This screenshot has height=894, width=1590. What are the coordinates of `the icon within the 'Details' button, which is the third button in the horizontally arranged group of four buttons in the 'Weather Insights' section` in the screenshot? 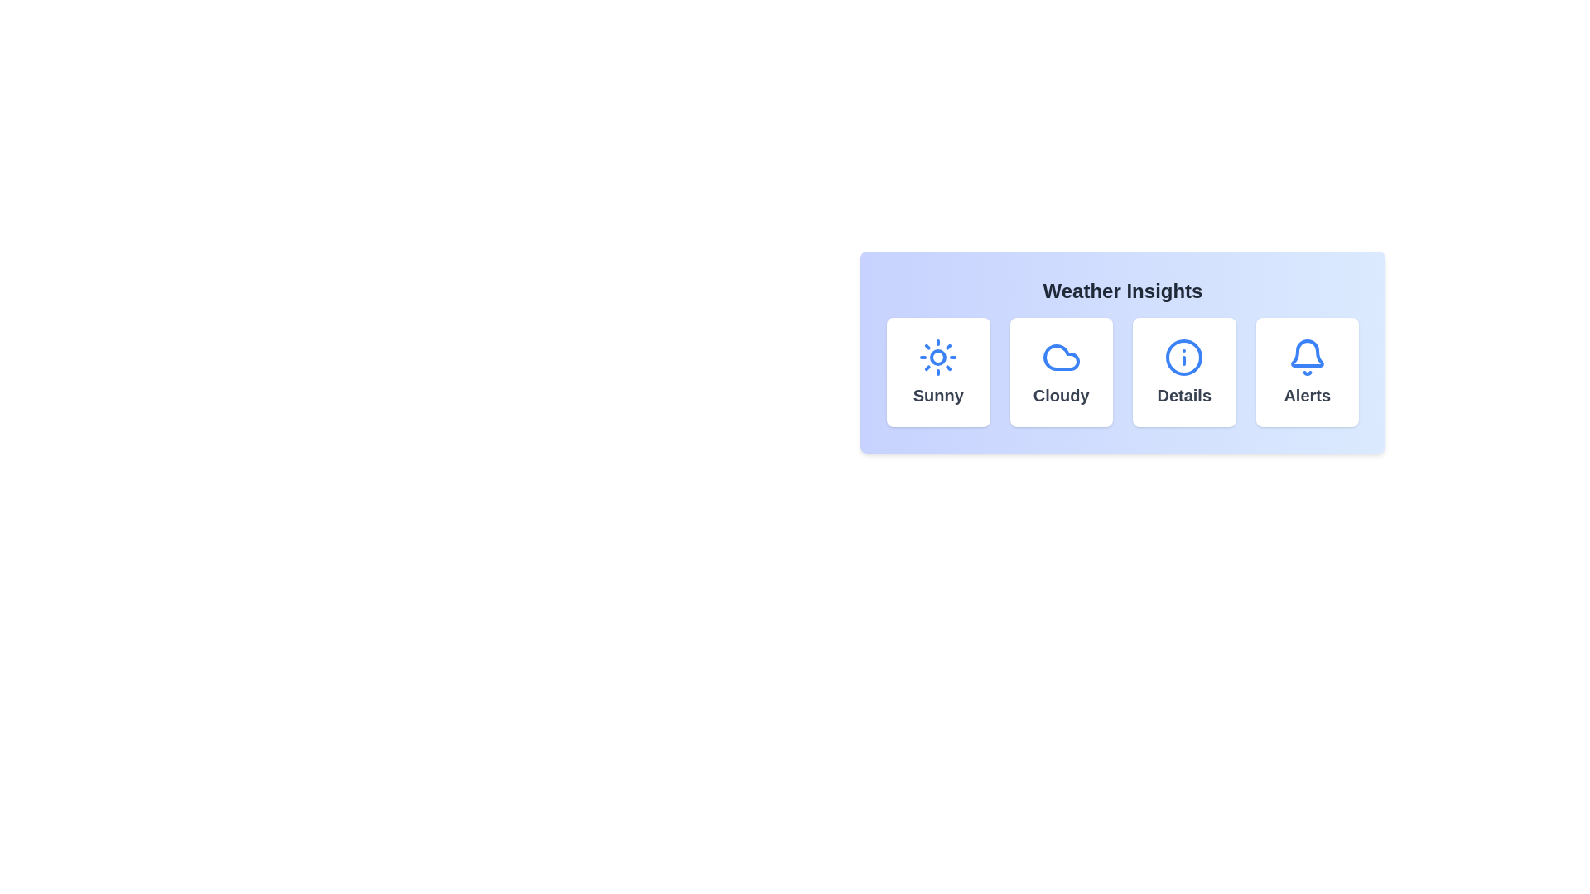 It's located at (1183, 357).